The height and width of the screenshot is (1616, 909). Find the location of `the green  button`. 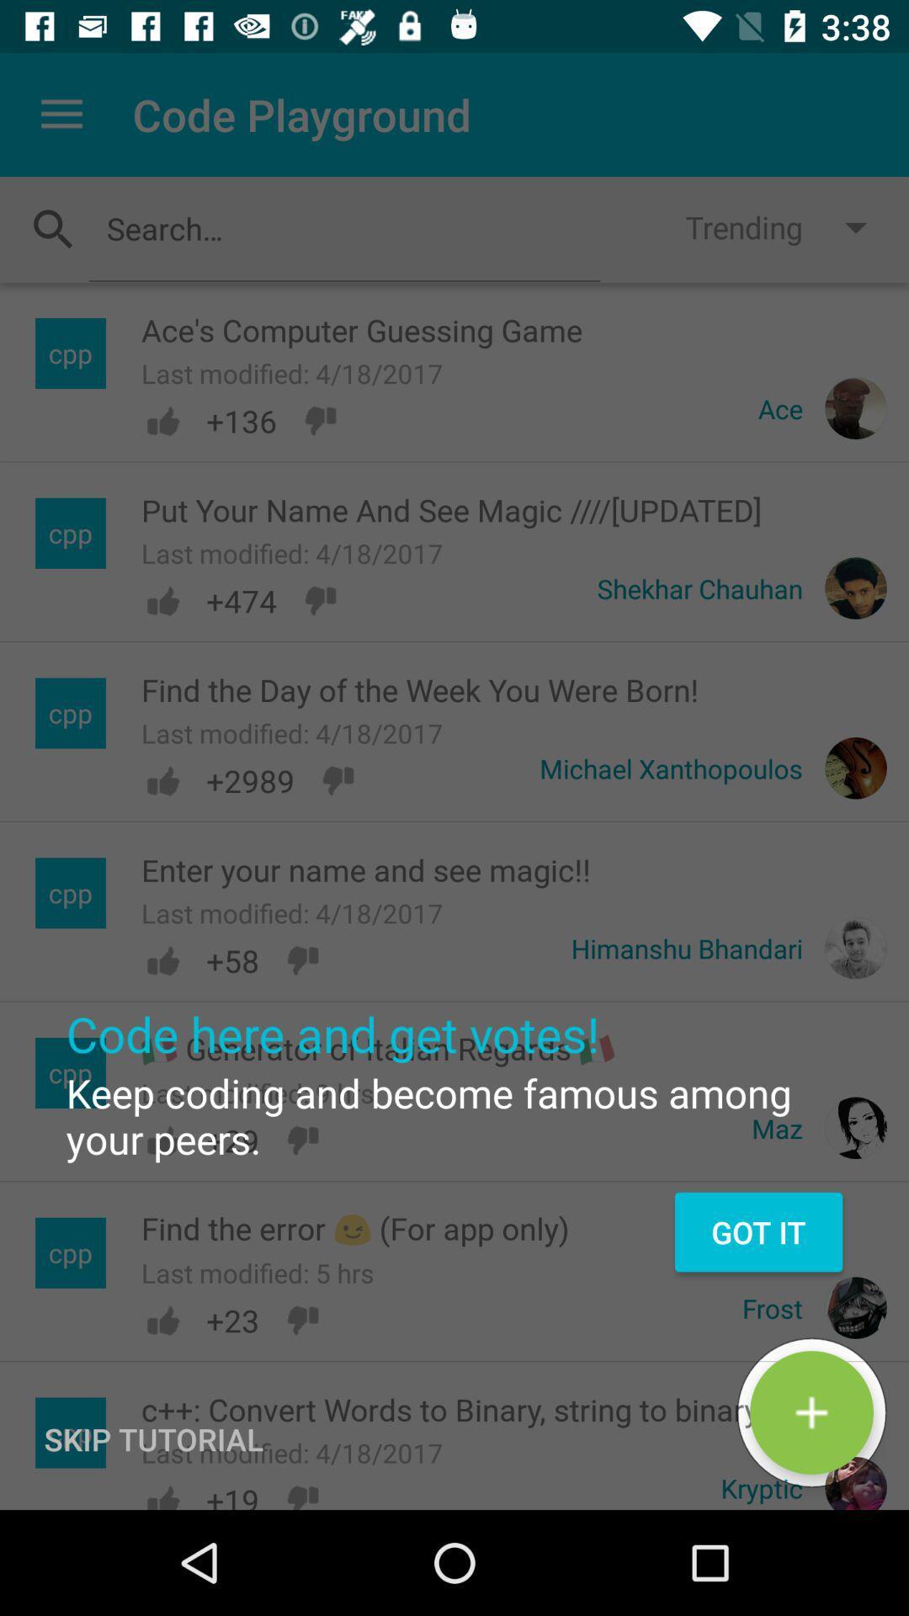

the green  button is located at coordinates (811, 1412).